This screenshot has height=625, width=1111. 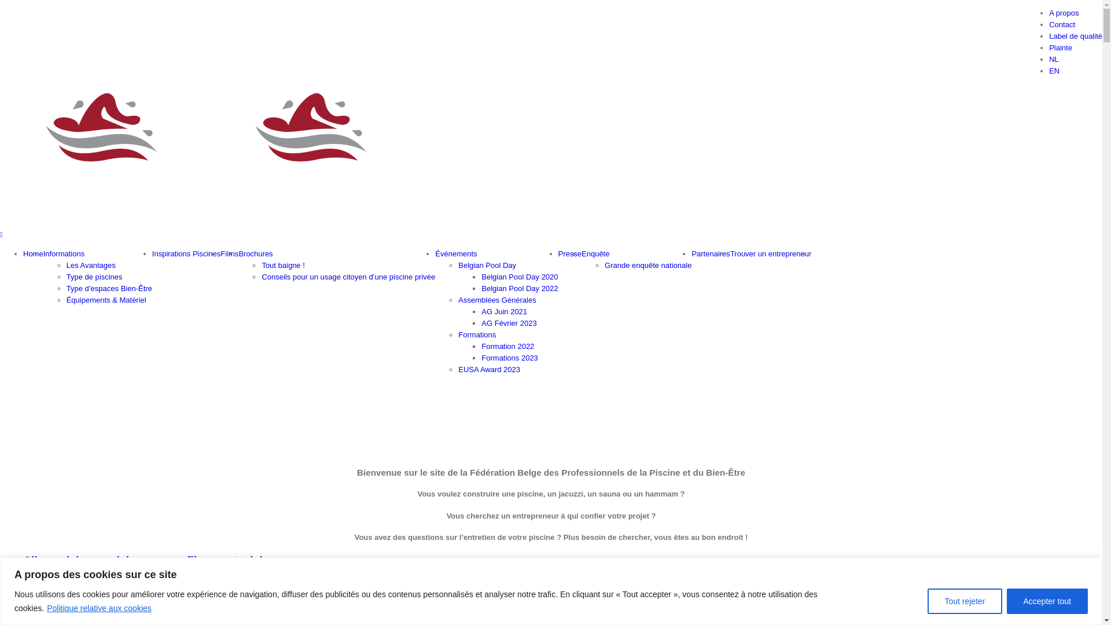 I want to click on 'Brochures', so click(x=255, y=253).